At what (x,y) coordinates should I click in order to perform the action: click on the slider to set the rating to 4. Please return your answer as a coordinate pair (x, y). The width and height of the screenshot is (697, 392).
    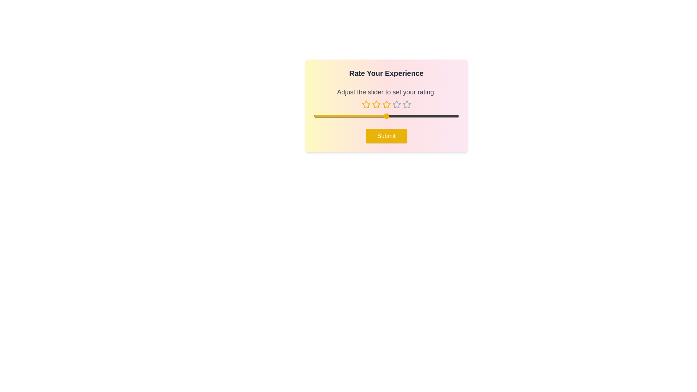
    Looking at the image, I should click on (423, 116).